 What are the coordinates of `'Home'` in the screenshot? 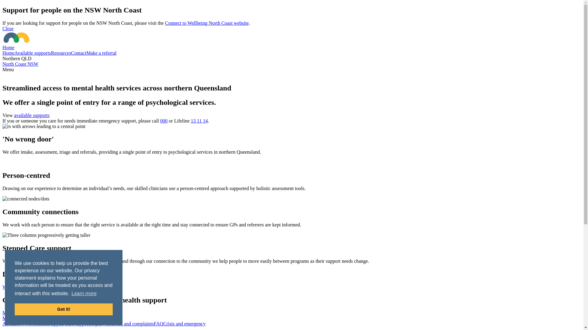 It's located at (8, 53).